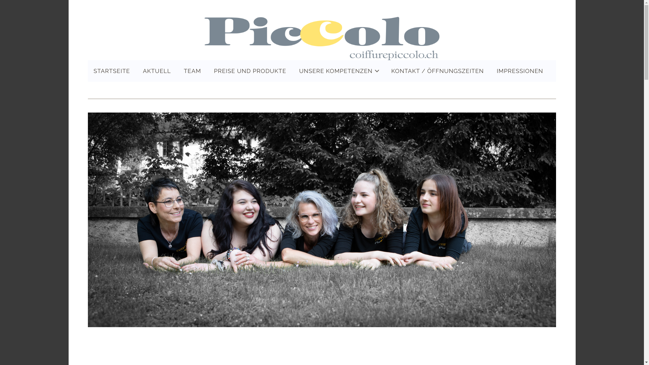 This screenshot has height=365, width=649. Describe the element at coordinates (491, 71) in the screenshot. I see `'IMPRESSIONEN'` at that location.